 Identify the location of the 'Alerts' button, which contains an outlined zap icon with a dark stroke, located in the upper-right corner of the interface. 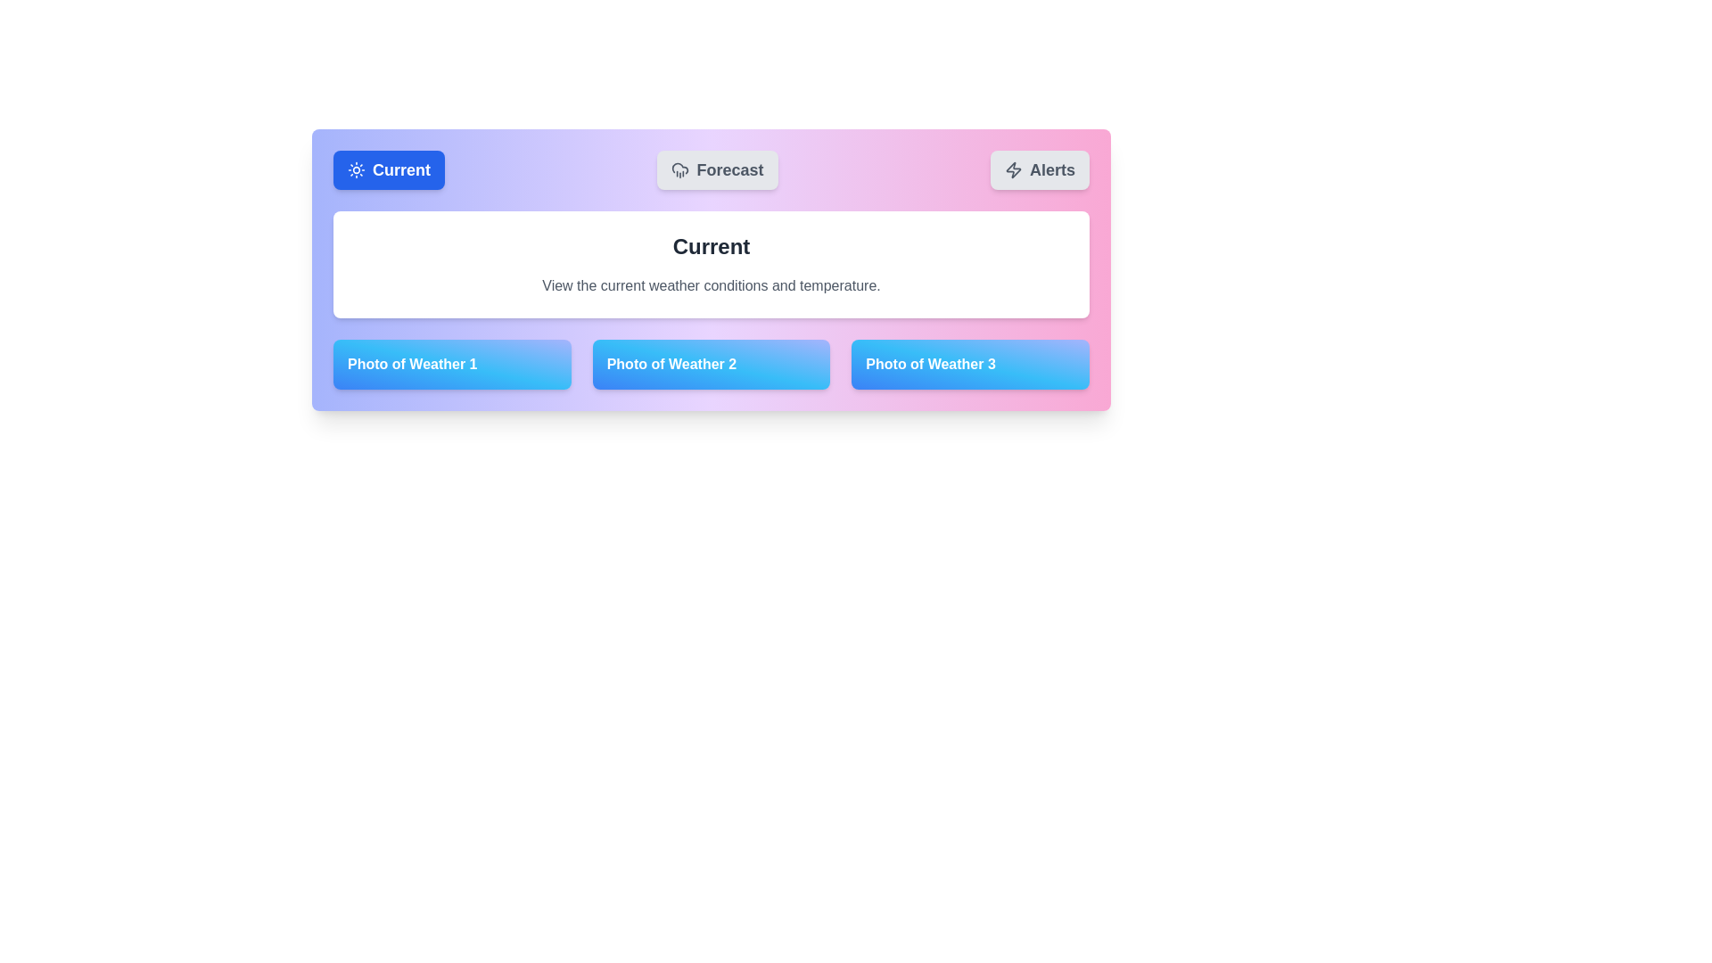
(1014, 170).